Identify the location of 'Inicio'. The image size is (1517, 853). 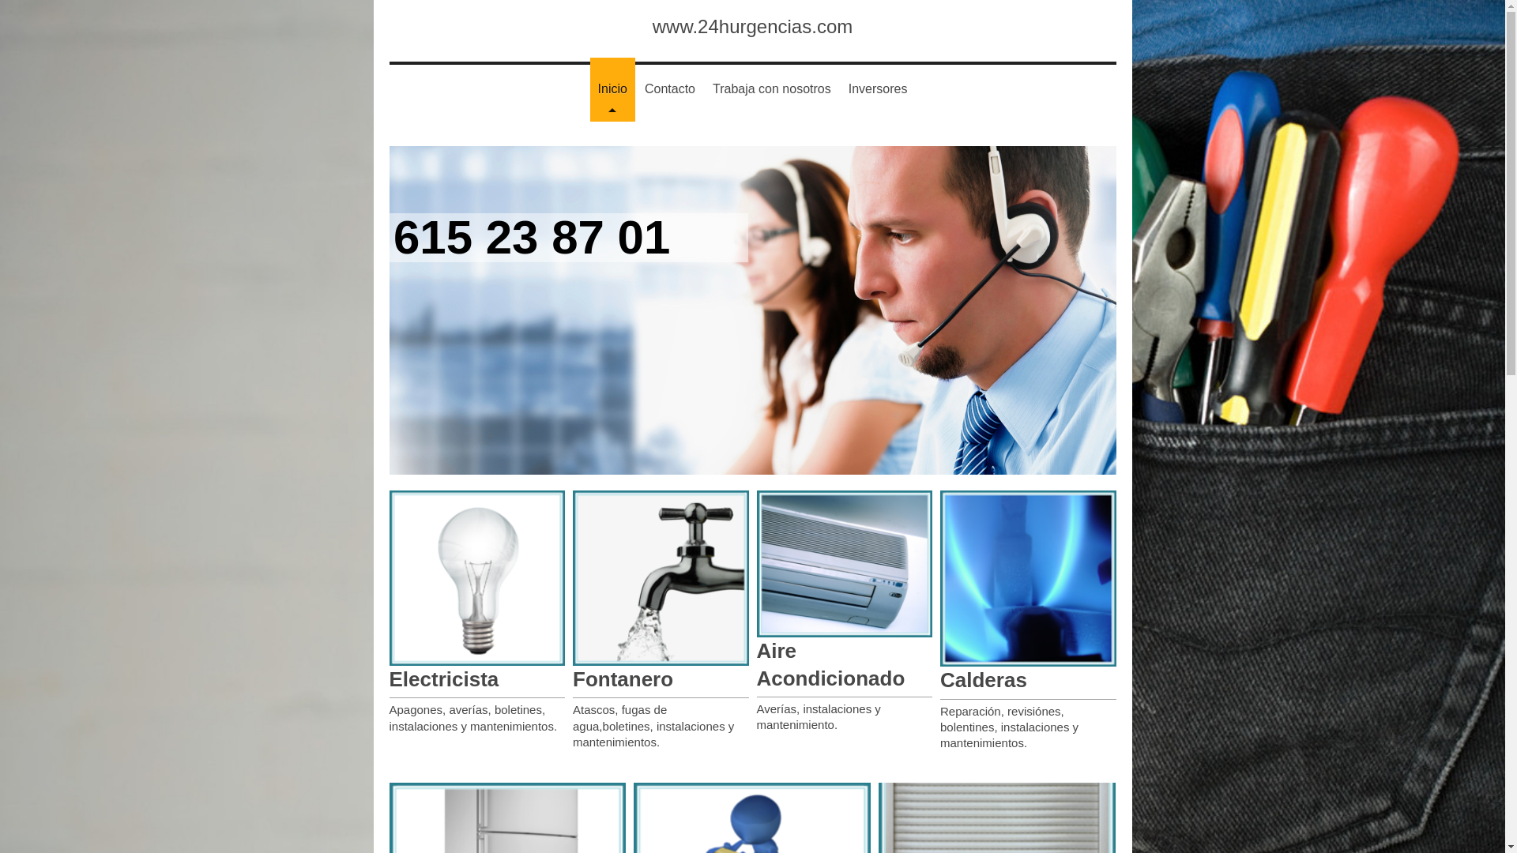
(612, 89).